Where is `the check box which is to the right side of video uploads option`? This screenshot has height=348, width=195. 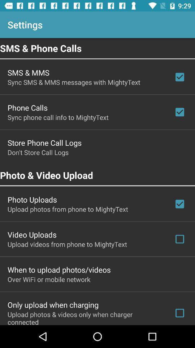 the check box which is to the right side of video uploads option is located at coordinates (179, 239).